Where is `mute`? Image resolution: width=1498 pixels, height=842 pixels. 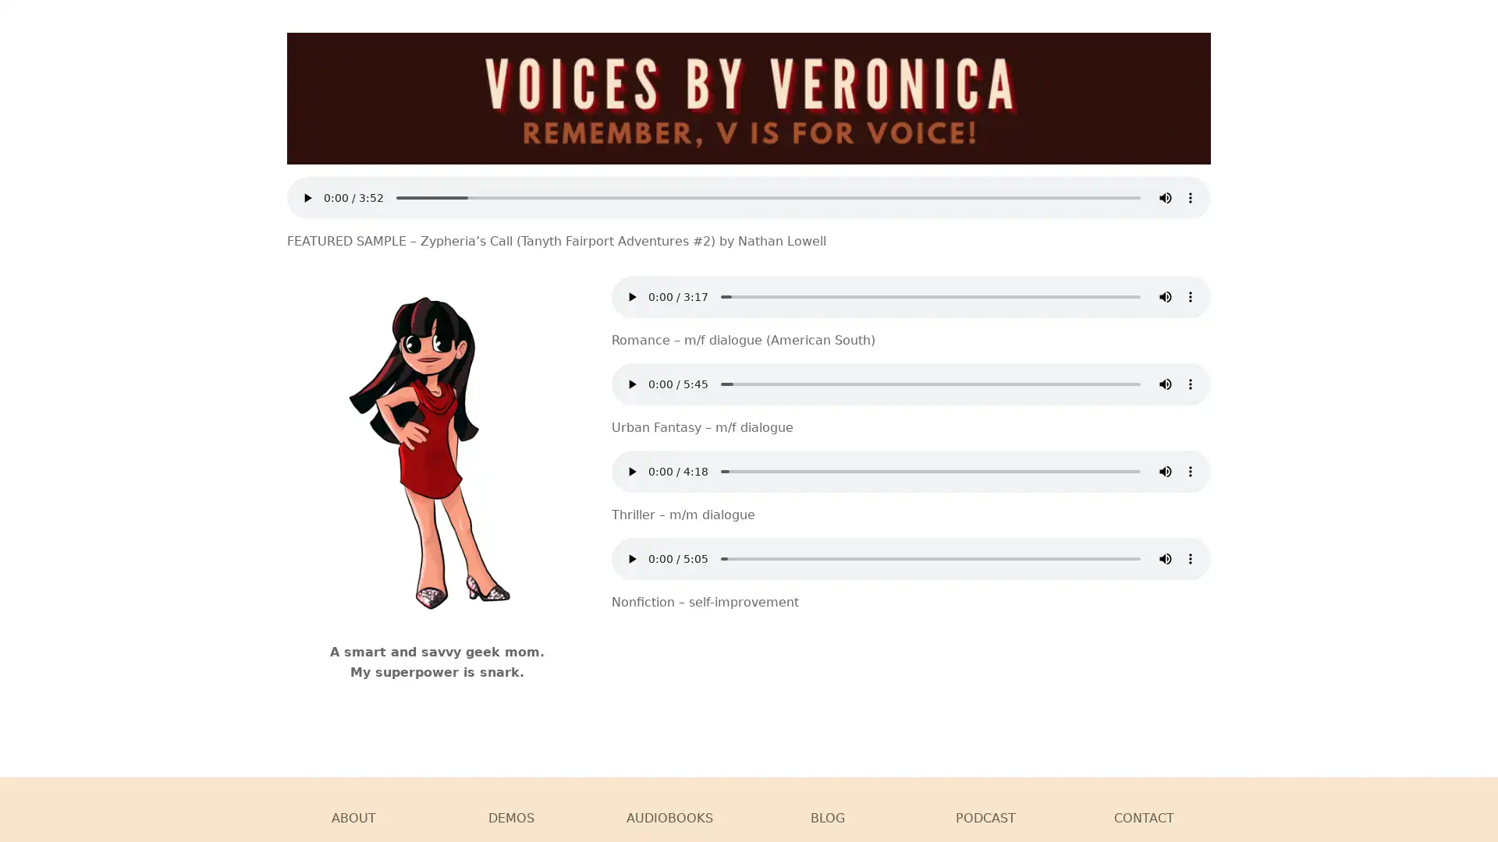 mute is located at coordinates (1165, 297).